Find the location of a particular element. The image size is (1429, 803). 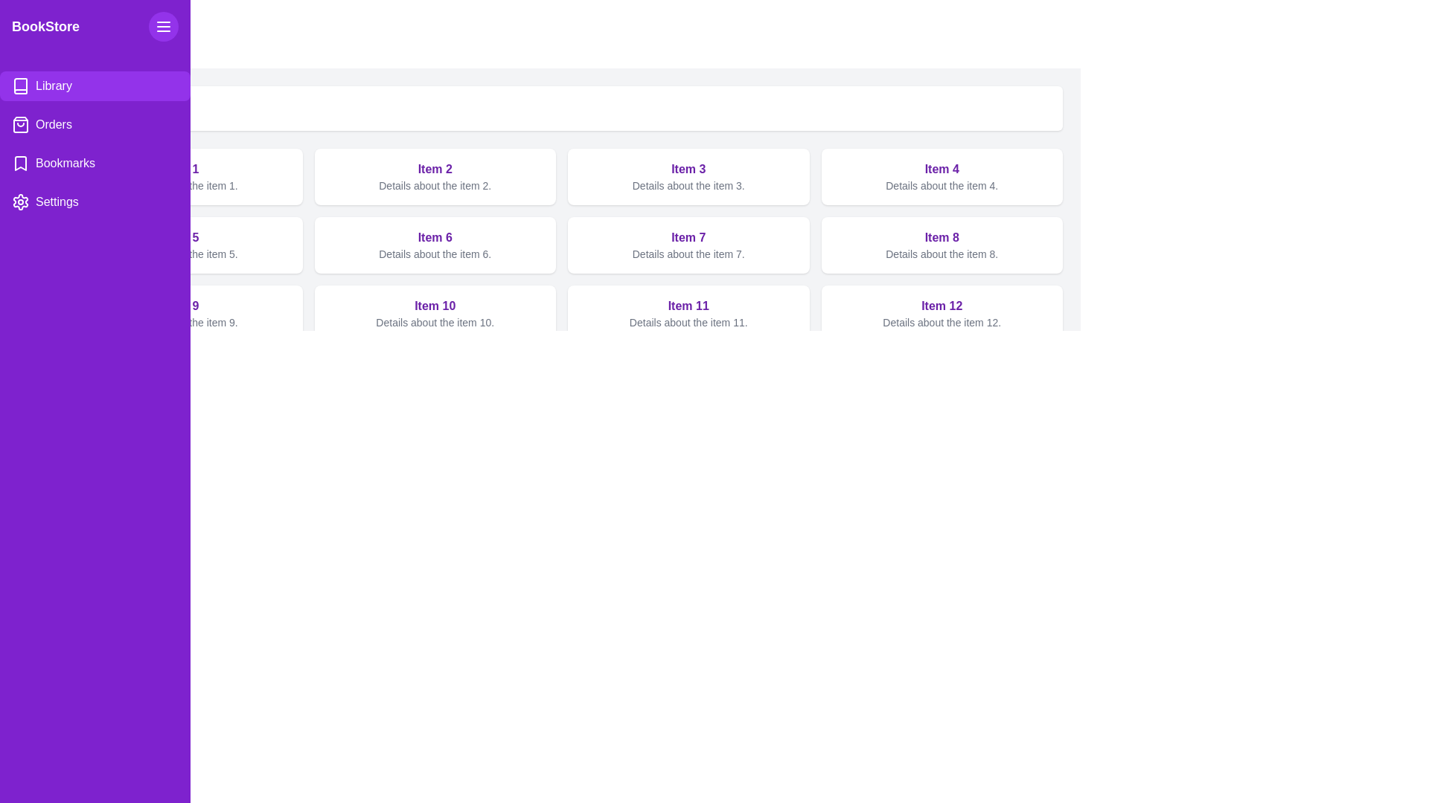

the cogwheel-like icon that represents the 'Settings' functionality located in the left-hand sidebar under the 'Settings' menu item is located at coordinates (21, 202).